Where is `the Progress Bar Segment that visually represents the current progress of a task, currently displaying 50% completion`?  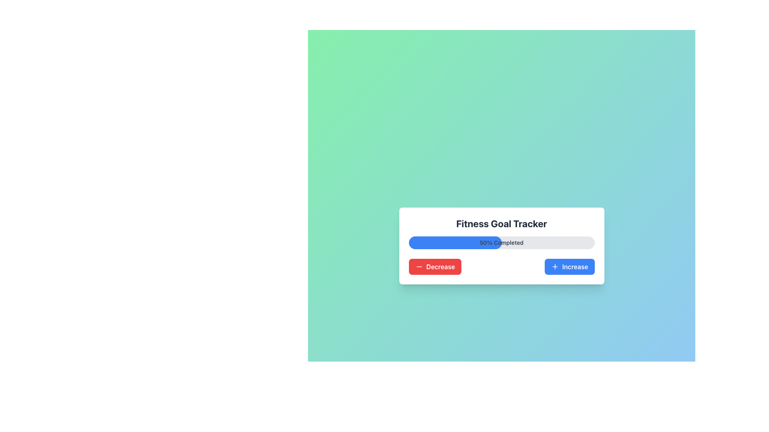
the Progress Bar Segment that visually represents the current progress of a task, currently displaying 50% completion is located at coordinates (455, 242).